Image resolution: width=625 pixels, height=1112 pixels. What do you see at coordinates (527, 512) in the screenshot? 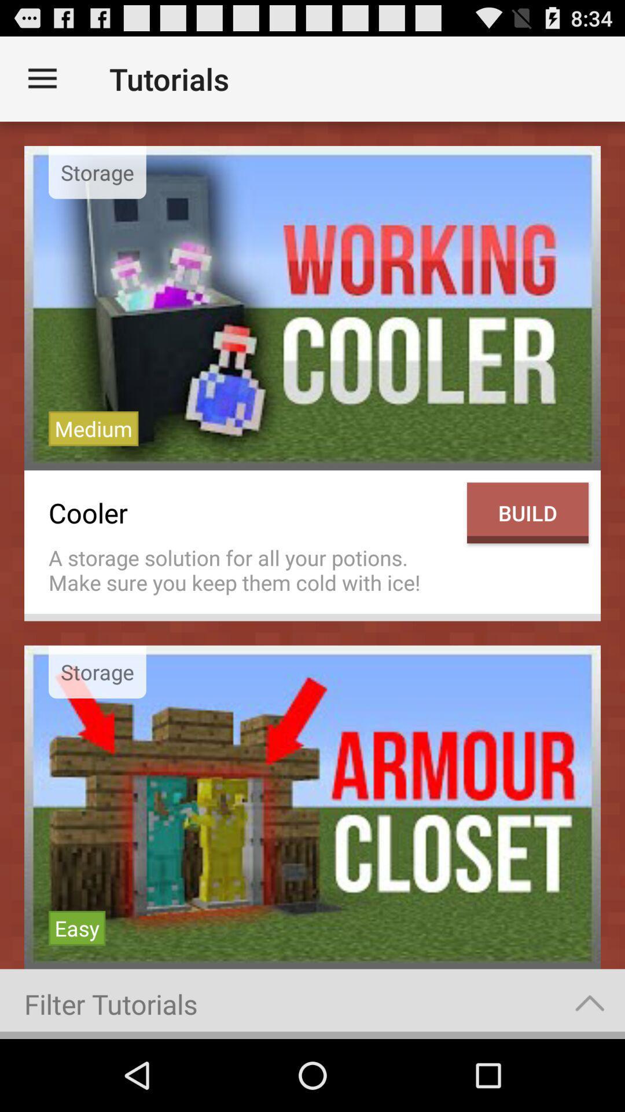
I see `the build on the right` at bounding box center [527, 512].